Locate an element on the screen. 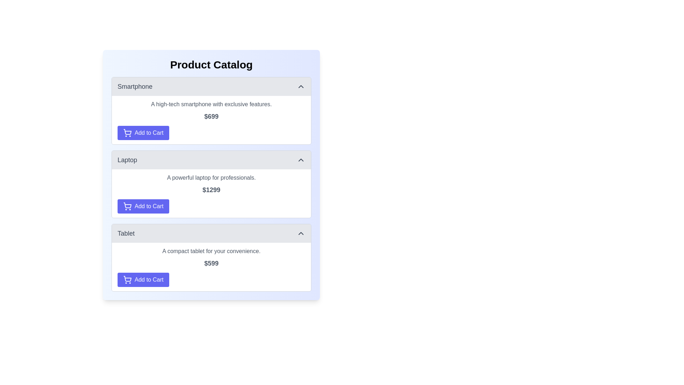 The width and height of the screenshot is (684, 385). the toggle button located in the third item of the vertical list of product entries is located at coordinates (211, 233).